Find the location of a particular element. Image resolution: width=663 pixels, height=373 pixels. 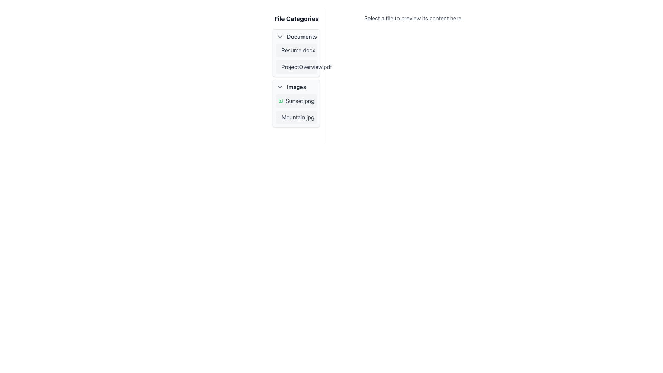

the text label 'ProjectOverview.pdf' under the 'Documents' category is located at coordinates (306, 67).